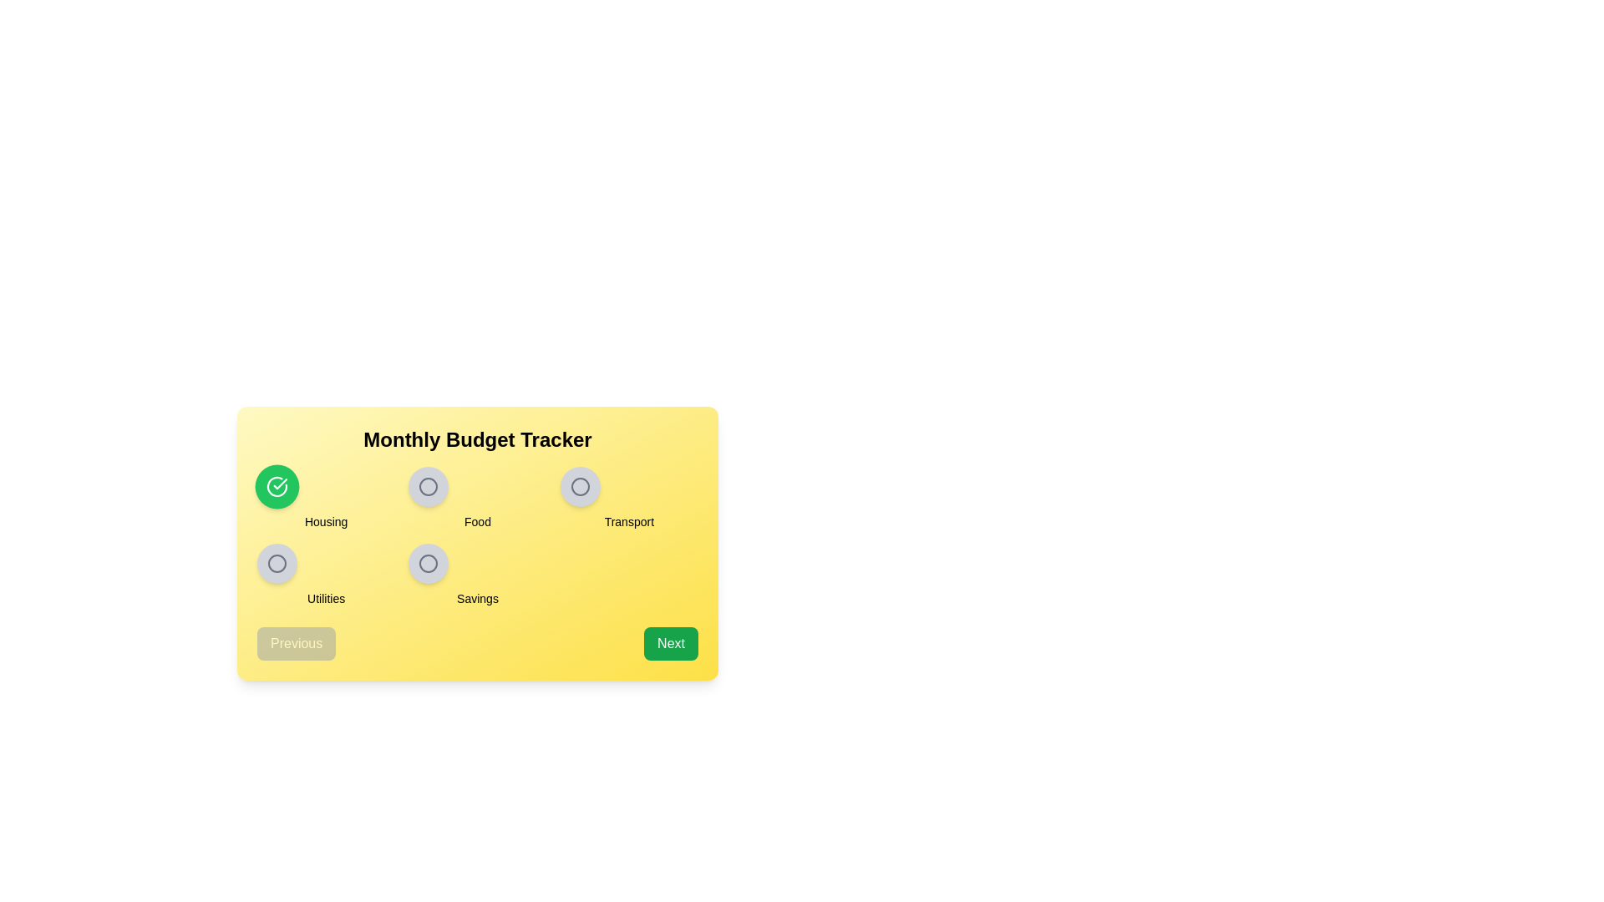 The width and height of the screenshot is (1604, 902). I want to click on the 'Housing' text label, which is styled in bold, capitalized font on a light yellow background, located in the bottom half of the 'Monthly Budget Tracker' card, so click(326, 520).